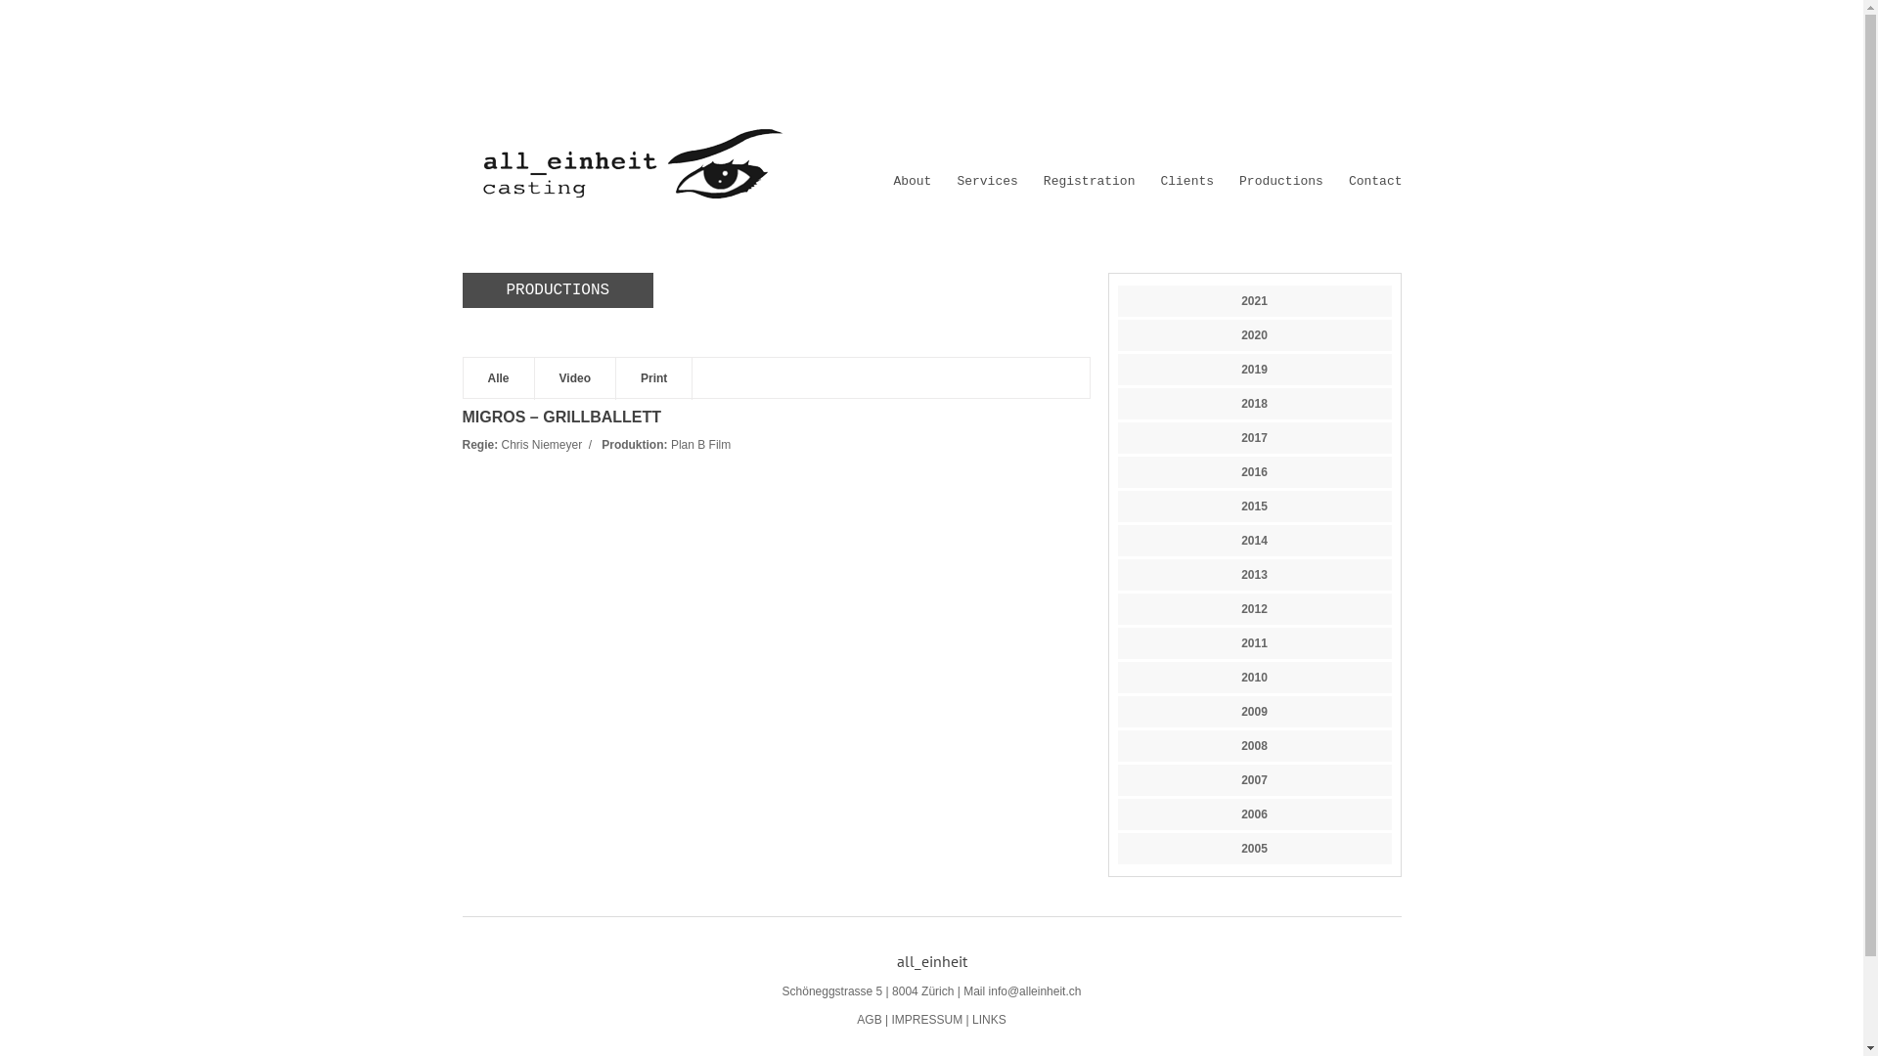  What do you see at coordinates (1253, 471) in the screenshot?
I see `'2016'` at bounding box center [1253, 471].